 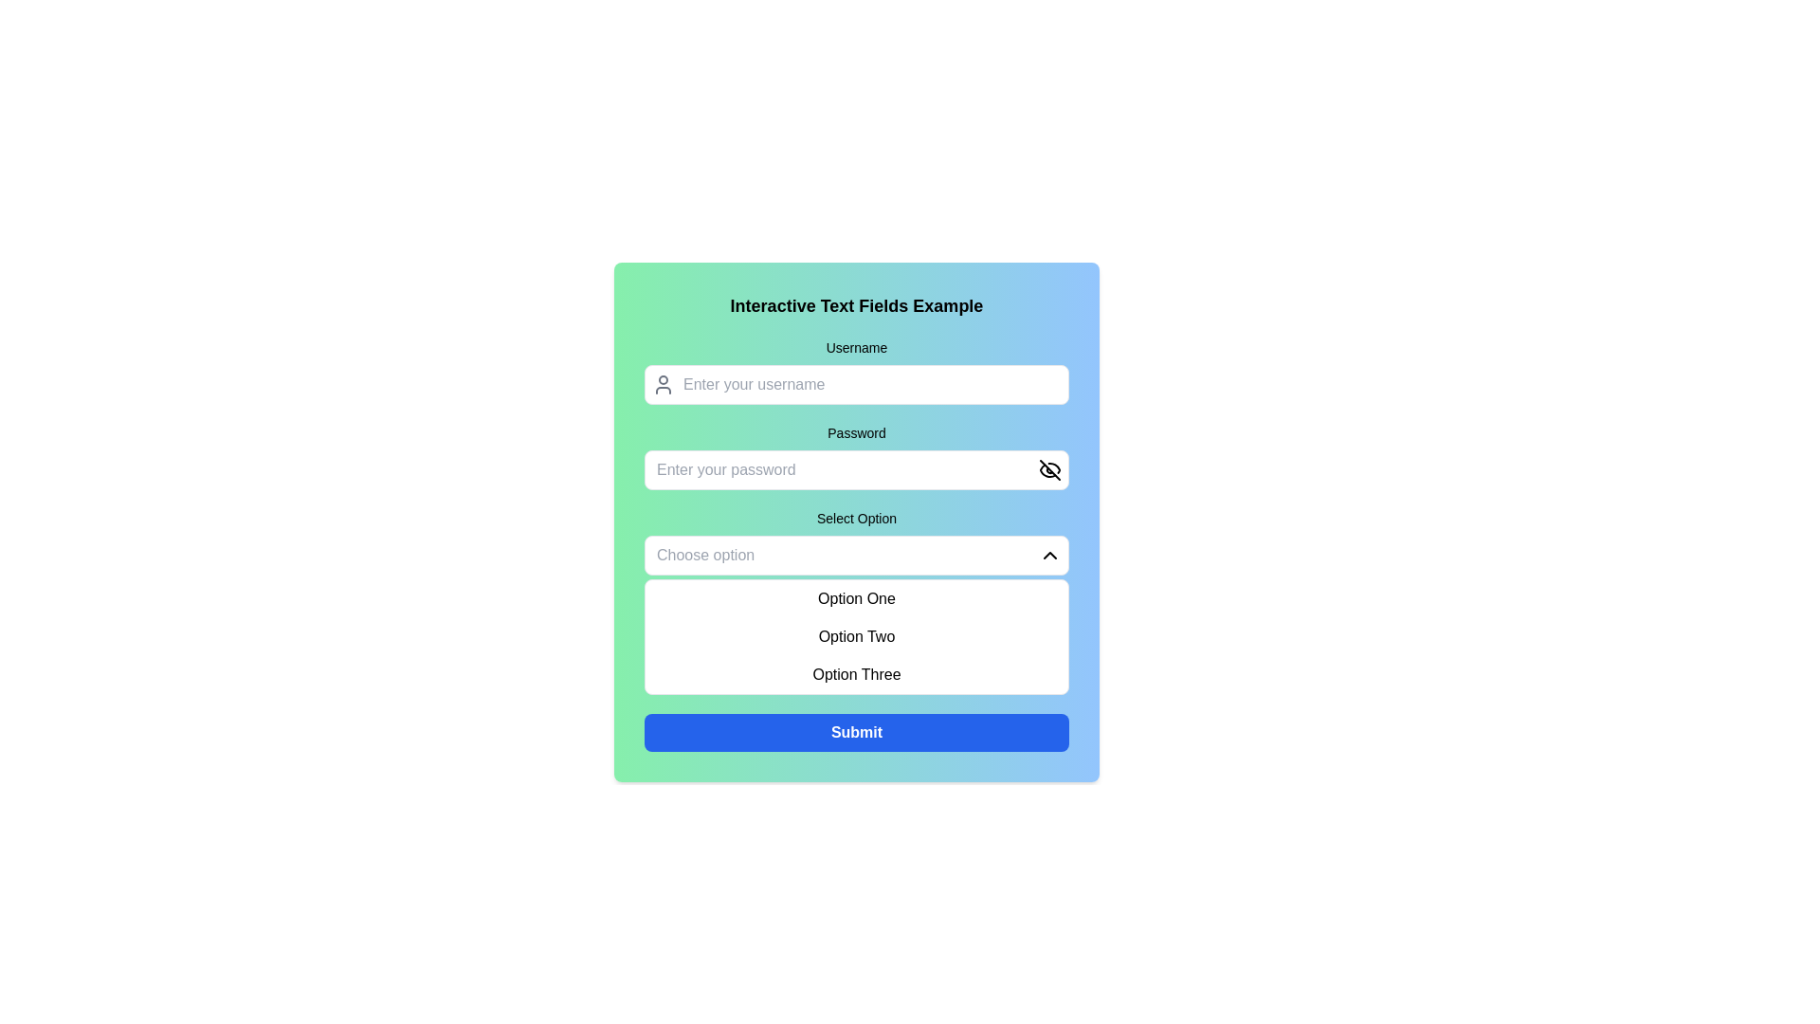 What do you see at coordinates (855, 674) in the screenshot?
I see `the third option in the dropdown menu` at bounding box center [855, 674].